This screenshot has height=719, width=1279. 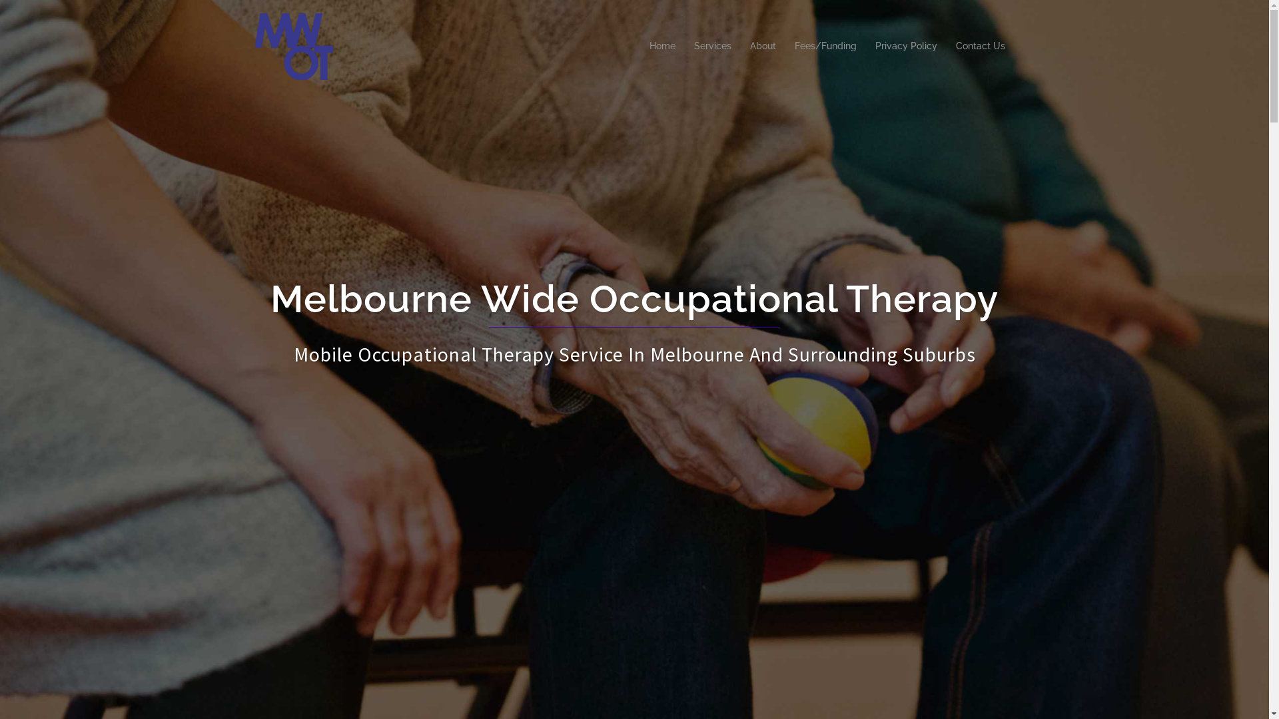 What do you see at coordinates (906, 45) in the screenshot?
I see `'Privacy Policy'` at bounding box center [906, 45].